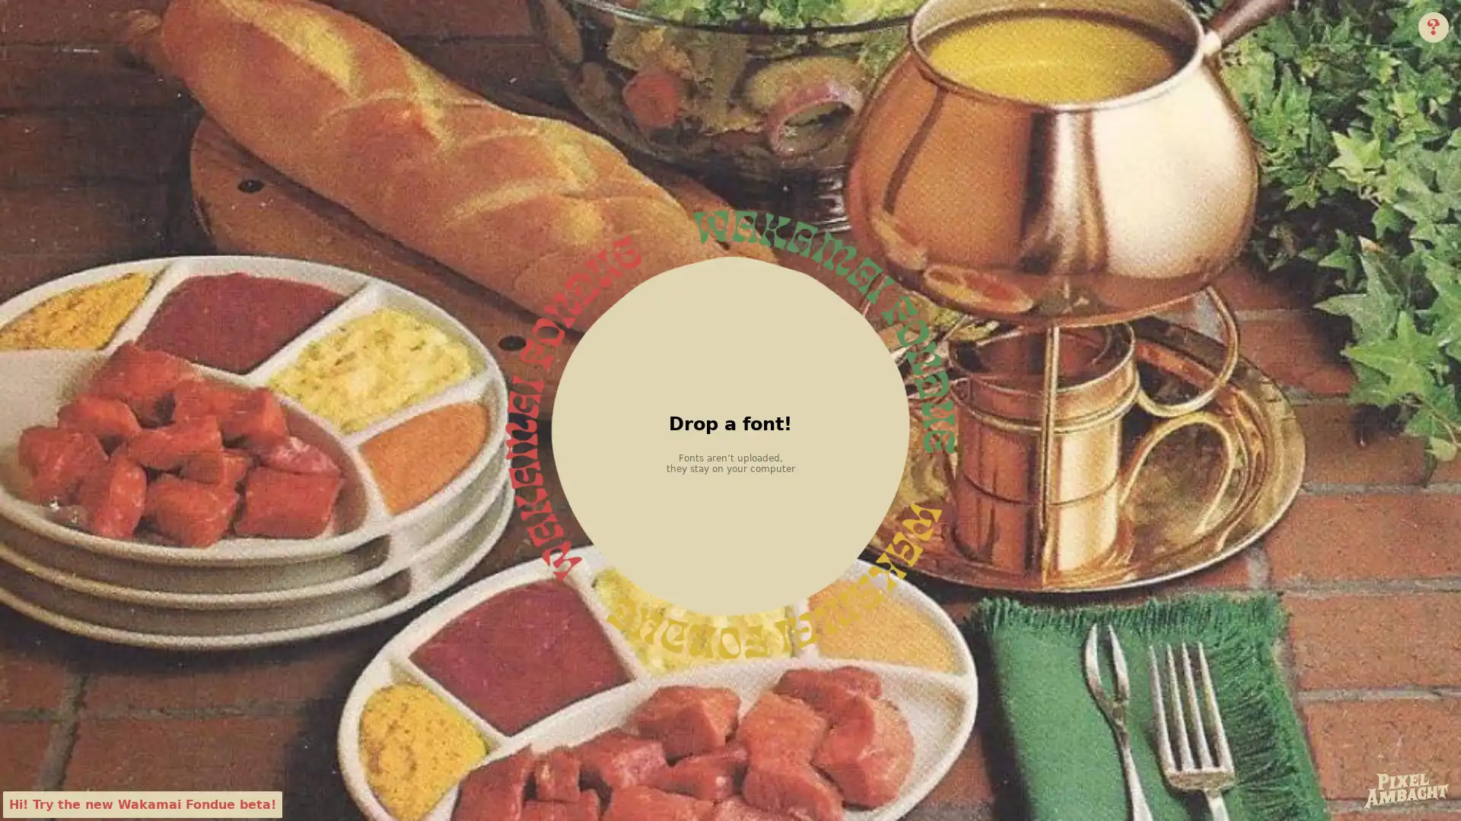 This screenshot has width=1461, height=821. Describe the element at coordinates (1432, 27) in the screenshot. I see `Info` at that location.